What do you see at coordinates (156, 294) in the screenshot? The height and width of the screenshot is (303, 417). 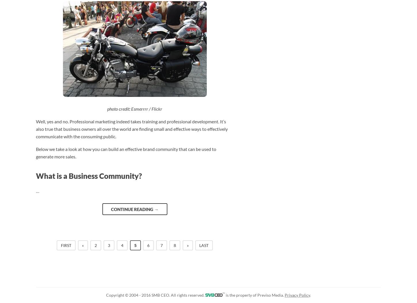 I see `'Copyright © 2004 - 2016 SMB CEO. All rights reserved.'` at bounding box center [156, 294].